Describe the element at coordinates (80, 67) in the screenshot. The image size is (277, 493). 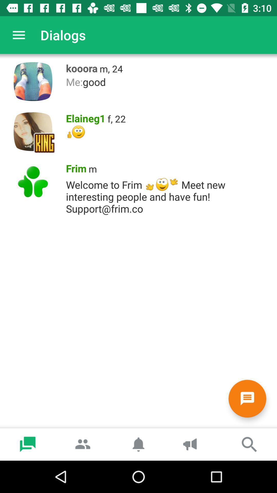
I see `icon below dialogs icon` at that location.